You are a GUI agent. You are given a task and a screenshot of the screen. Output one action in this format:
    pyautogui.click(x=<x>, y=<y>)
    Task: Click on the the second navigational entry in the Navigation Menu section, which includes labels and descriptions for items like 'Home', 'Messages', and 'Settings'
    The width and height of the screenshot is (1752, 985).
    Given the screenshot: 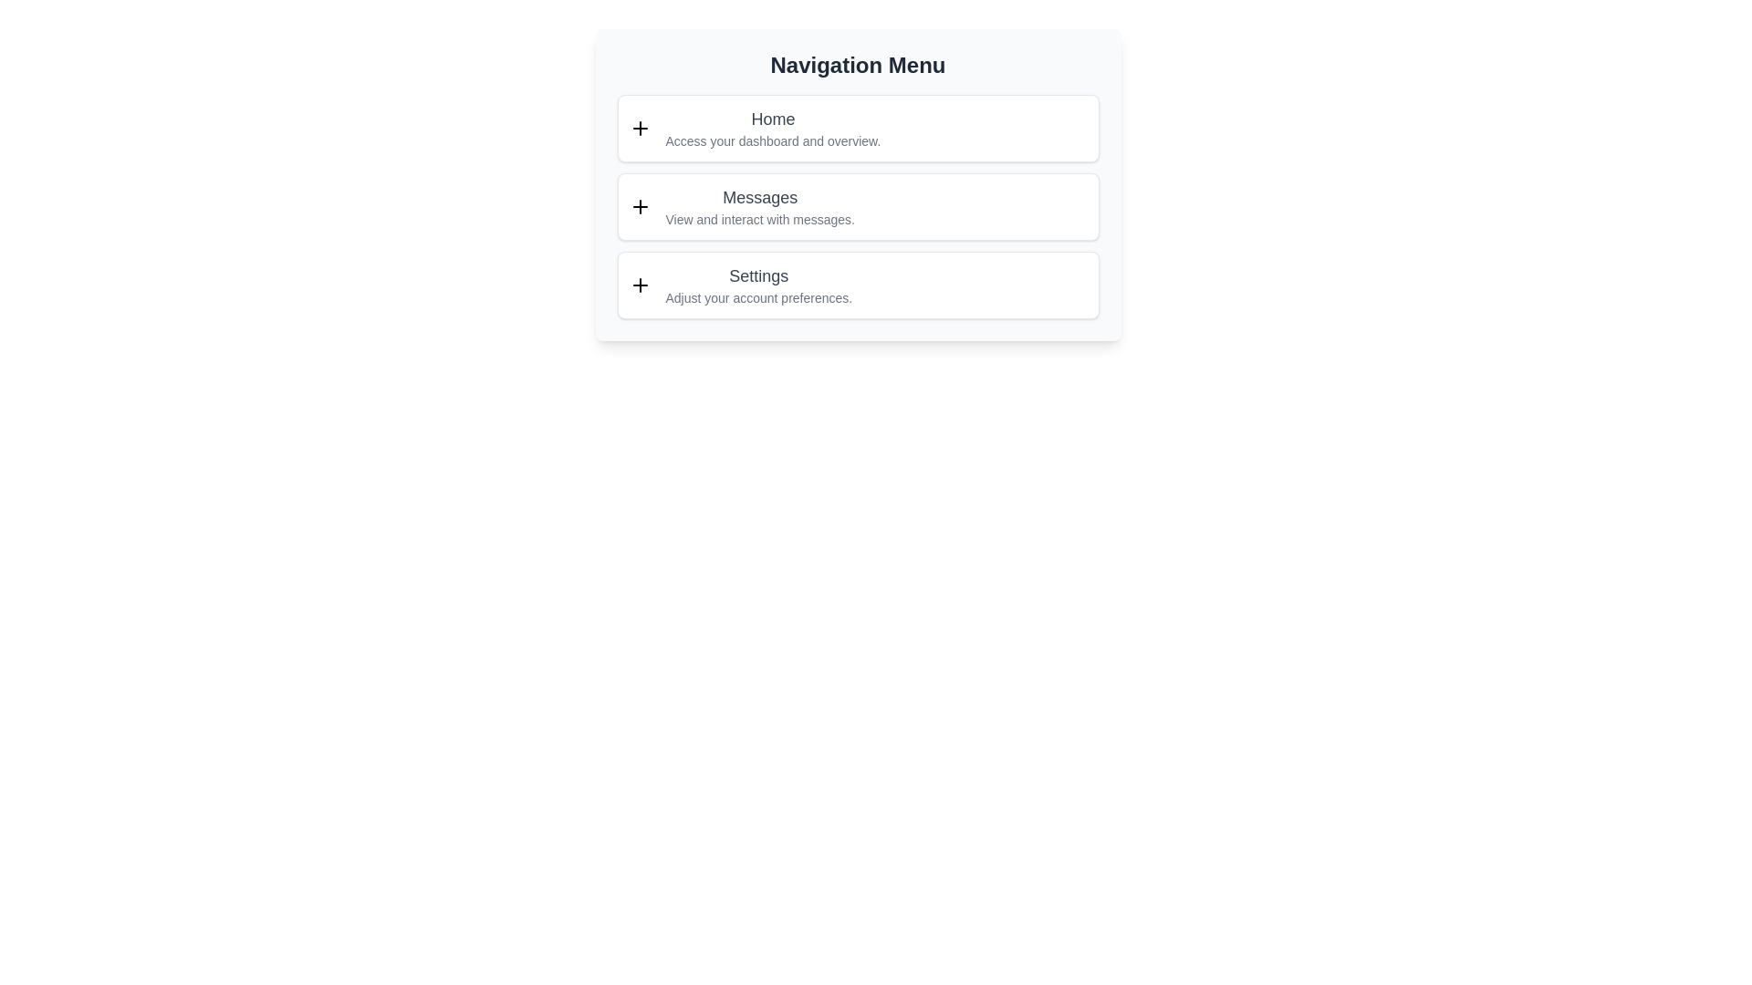 What is the action you would take?
    pyautogui.click(x=857, y=206)
    